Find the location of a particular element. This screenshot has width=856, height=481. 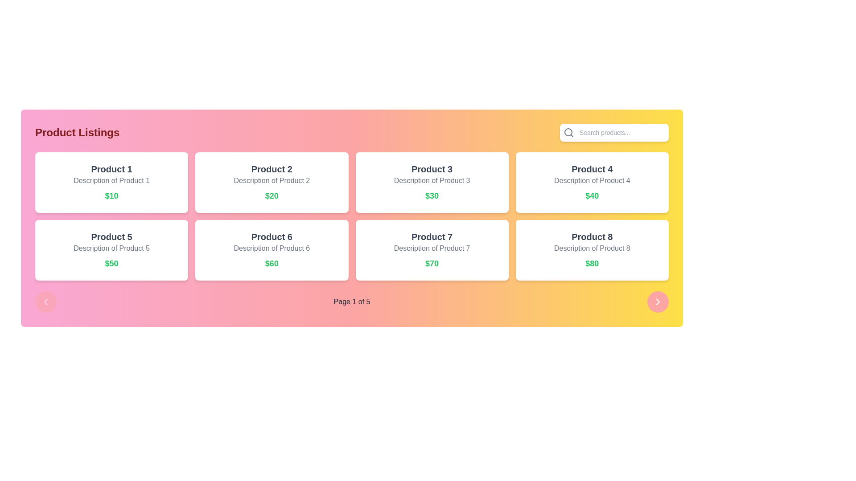

the label element displaying 'Product 6', which is styled in a larger, bold gray font and serves as a header for its associated product is located at coordinates (271, 236).